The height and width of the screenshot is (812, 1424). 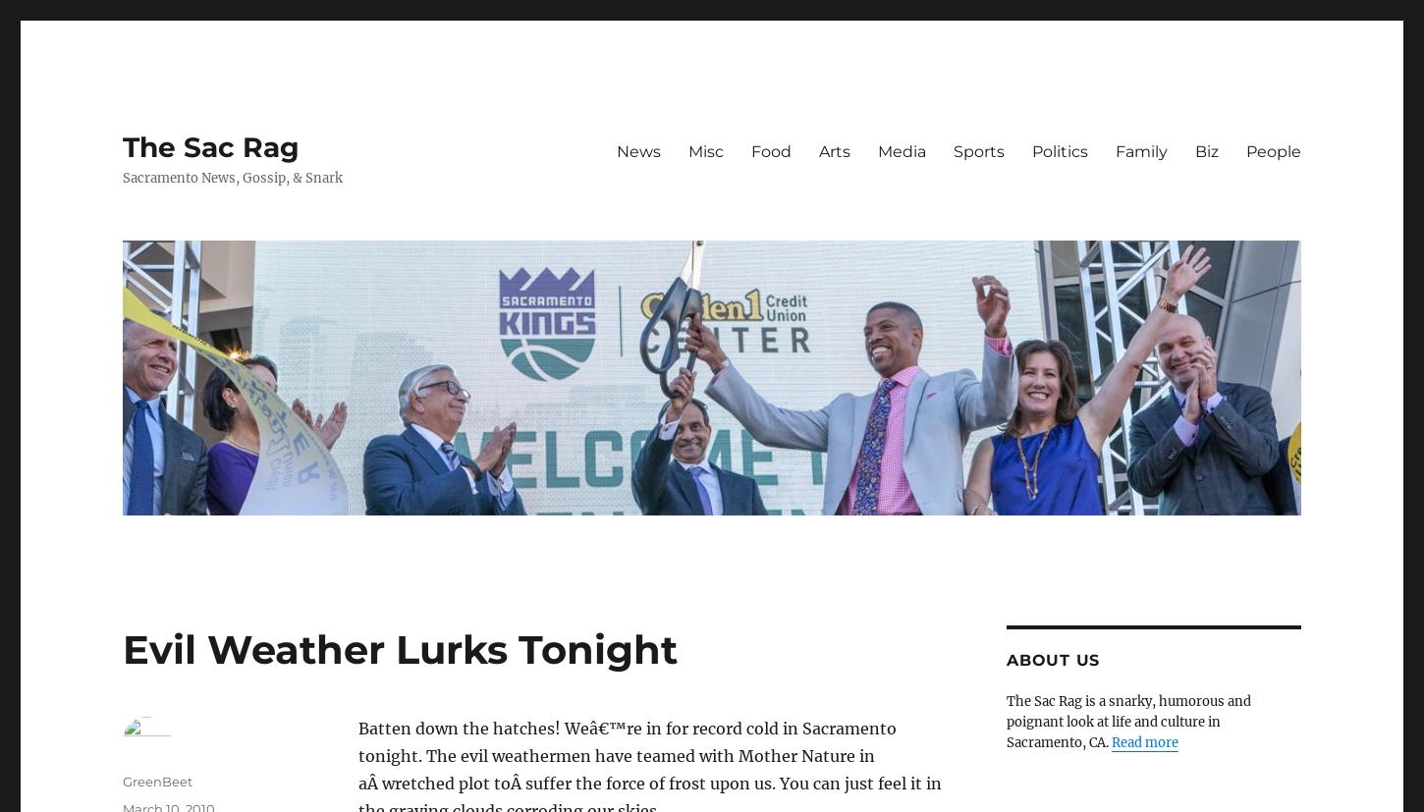 I want to click on 'People', so click(x=1274, y=150).